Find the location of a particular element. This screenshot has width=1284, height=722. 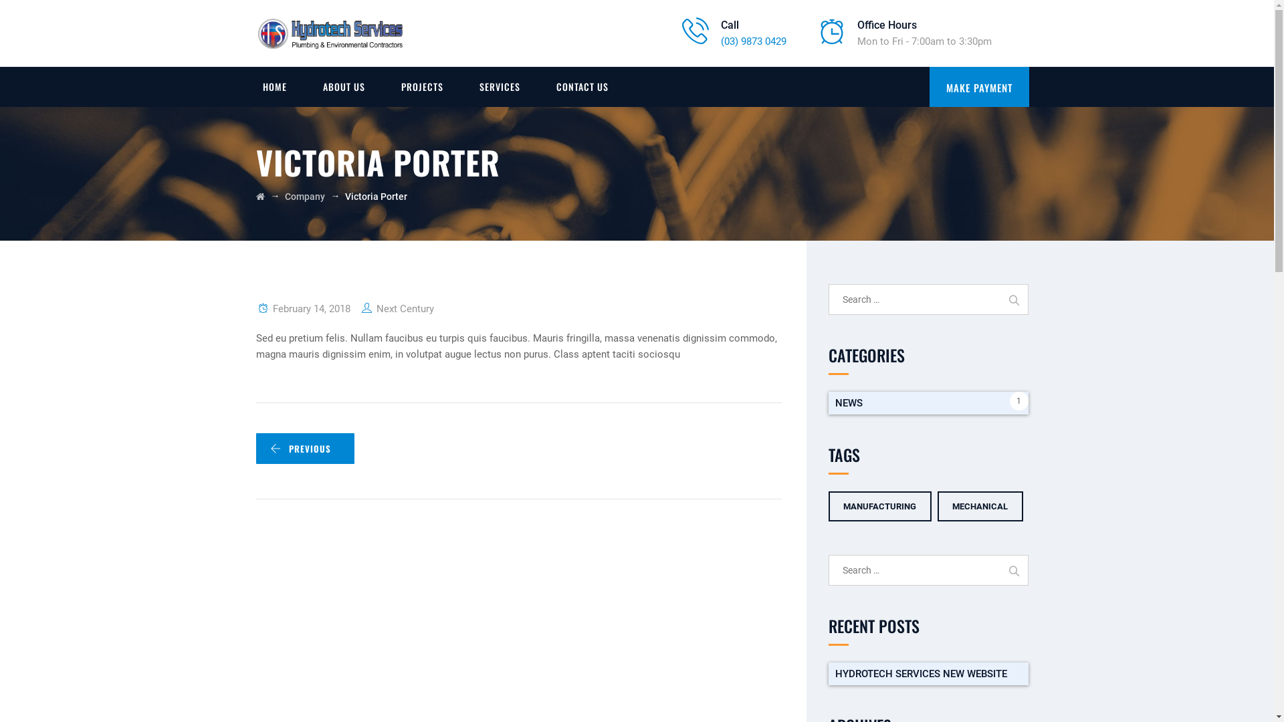

'HYDROTECH SERVICES NEW WEBSITE' is located at coordinates (927, 673).